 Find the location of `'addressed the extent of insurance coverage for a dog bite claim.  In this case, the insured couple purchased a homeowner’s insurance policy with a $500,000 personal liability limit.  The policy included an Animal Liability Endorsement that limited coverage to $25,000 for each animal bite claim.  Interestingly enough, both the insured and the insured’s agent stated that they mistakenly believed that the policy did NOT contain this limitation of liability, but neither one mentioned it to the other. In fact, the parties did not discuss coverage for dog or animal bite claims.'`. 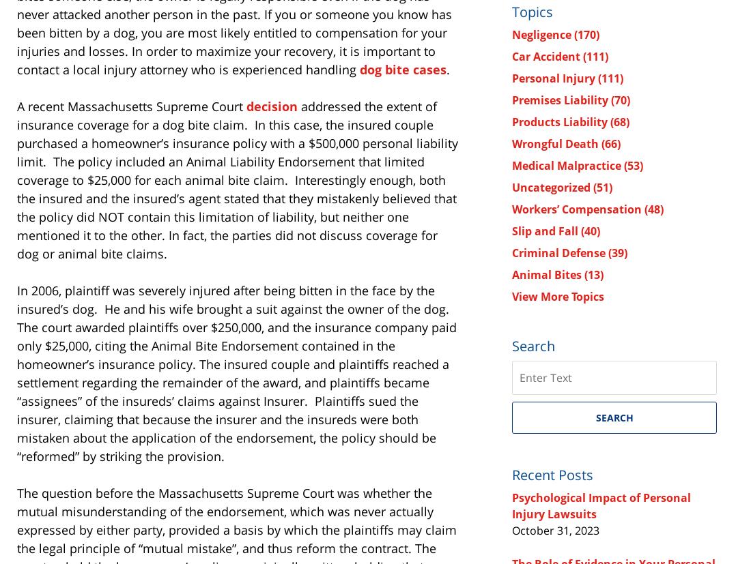

'addressed the extent of insurance coverage for a dog bite claim.  In this case, the insured couple purchased a homeowner’s insurance policy with a $500,000 personal liability limit.  The policy included an Animal Liability Endorsement that limited coverage to $25,000 for each animal bite claim.  Interestingly enough, both the insured and the insured’s agent stated that they mistakenly believed that the policy did NOT contain this limitation of liability, but neither one mentioned it to the other. In fact, the parties did not discuss coverage for dog or animal bite claims.' is located at coordinates (238, 179).